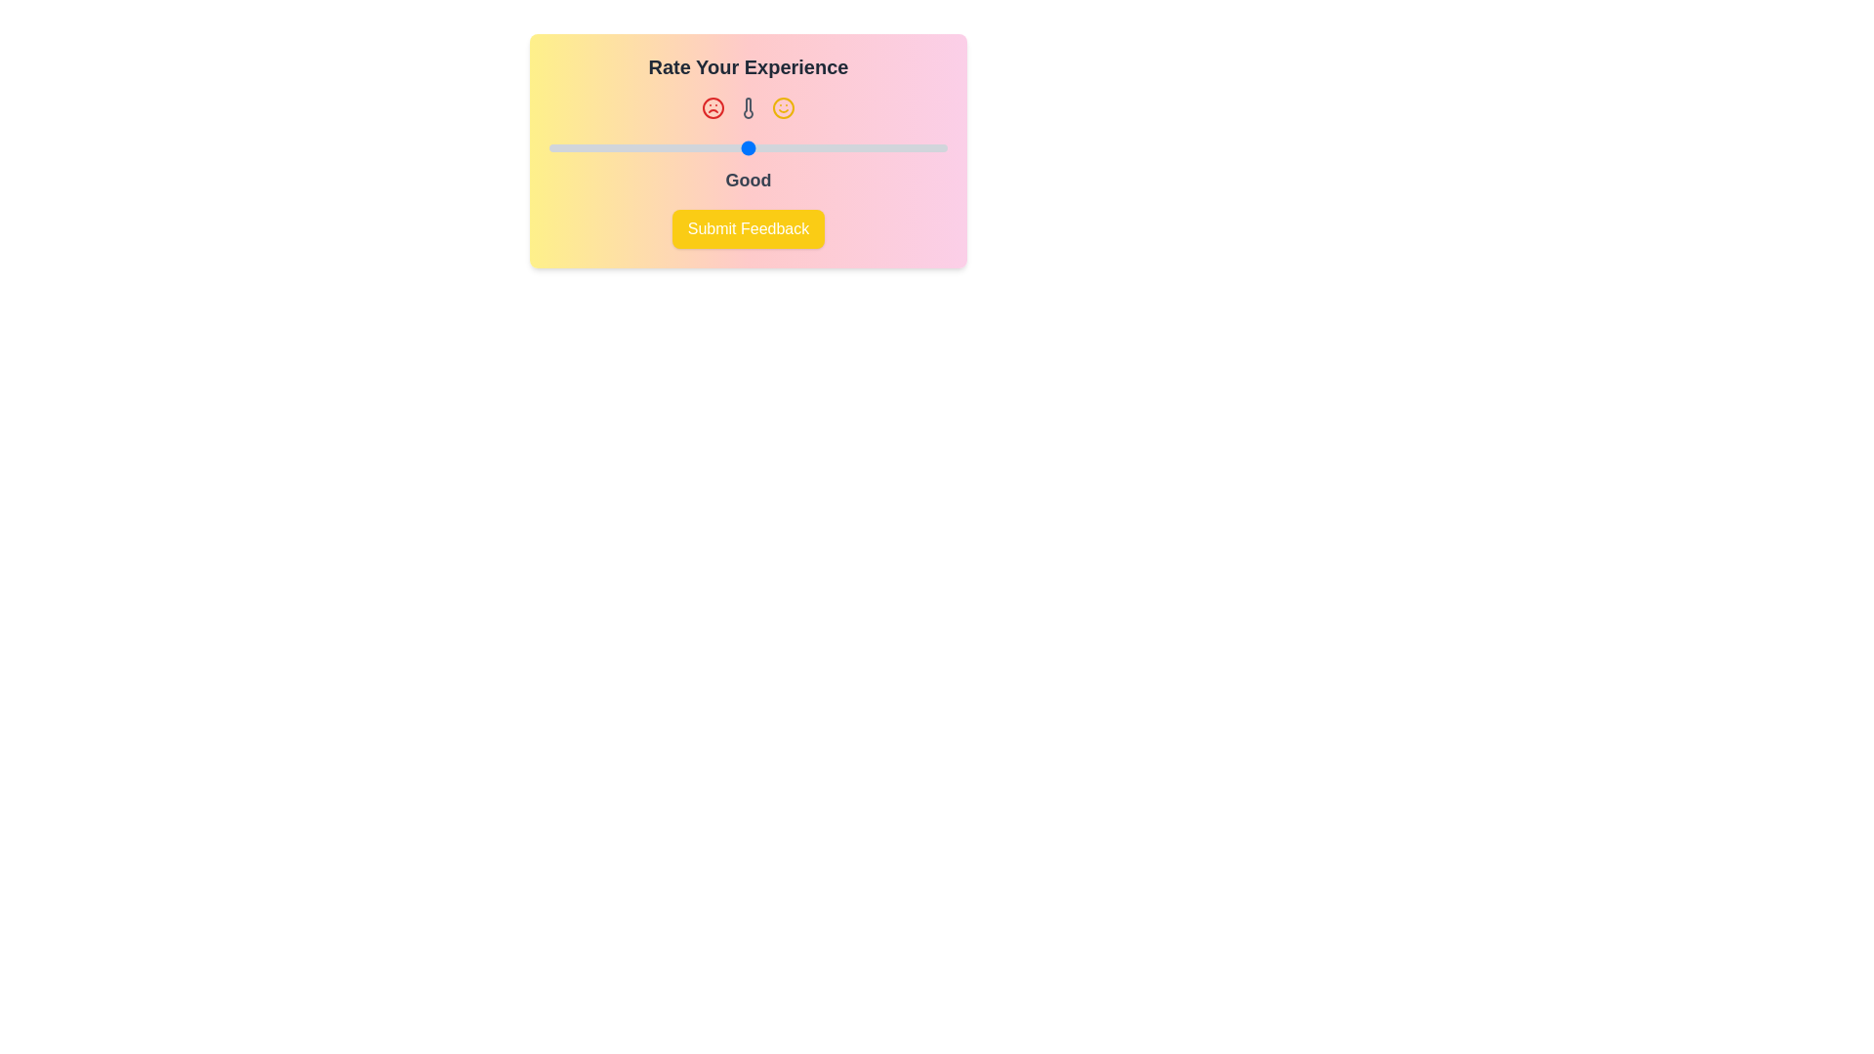  I want to click on the slider to set the rating to 3, so click(748, 146).